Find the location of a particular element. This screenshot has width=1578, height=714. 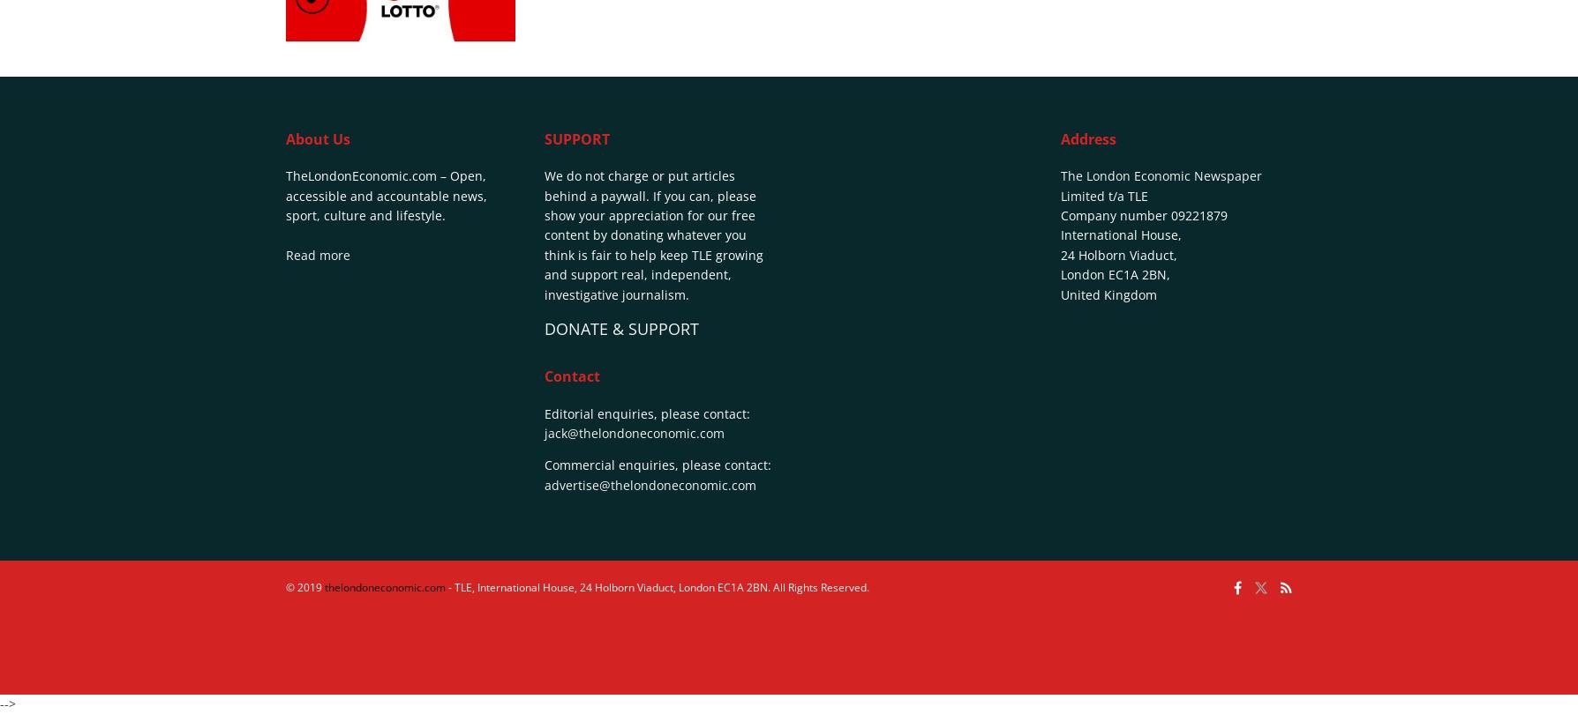

'Editorial enquiries, please contact:' is located at coordinates (645, 413).